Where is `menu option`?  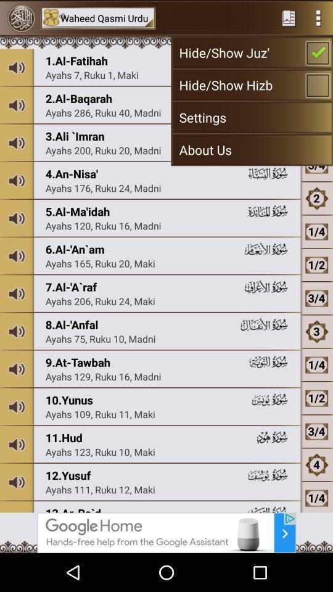 menu option is located at coordinates (318, 17).